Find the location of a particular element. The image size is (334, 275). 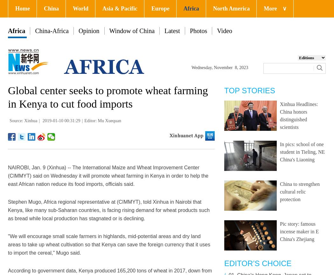

'Pic story: famous incense maker in E China's Zhejiang' is located at coordinates (299, 231).